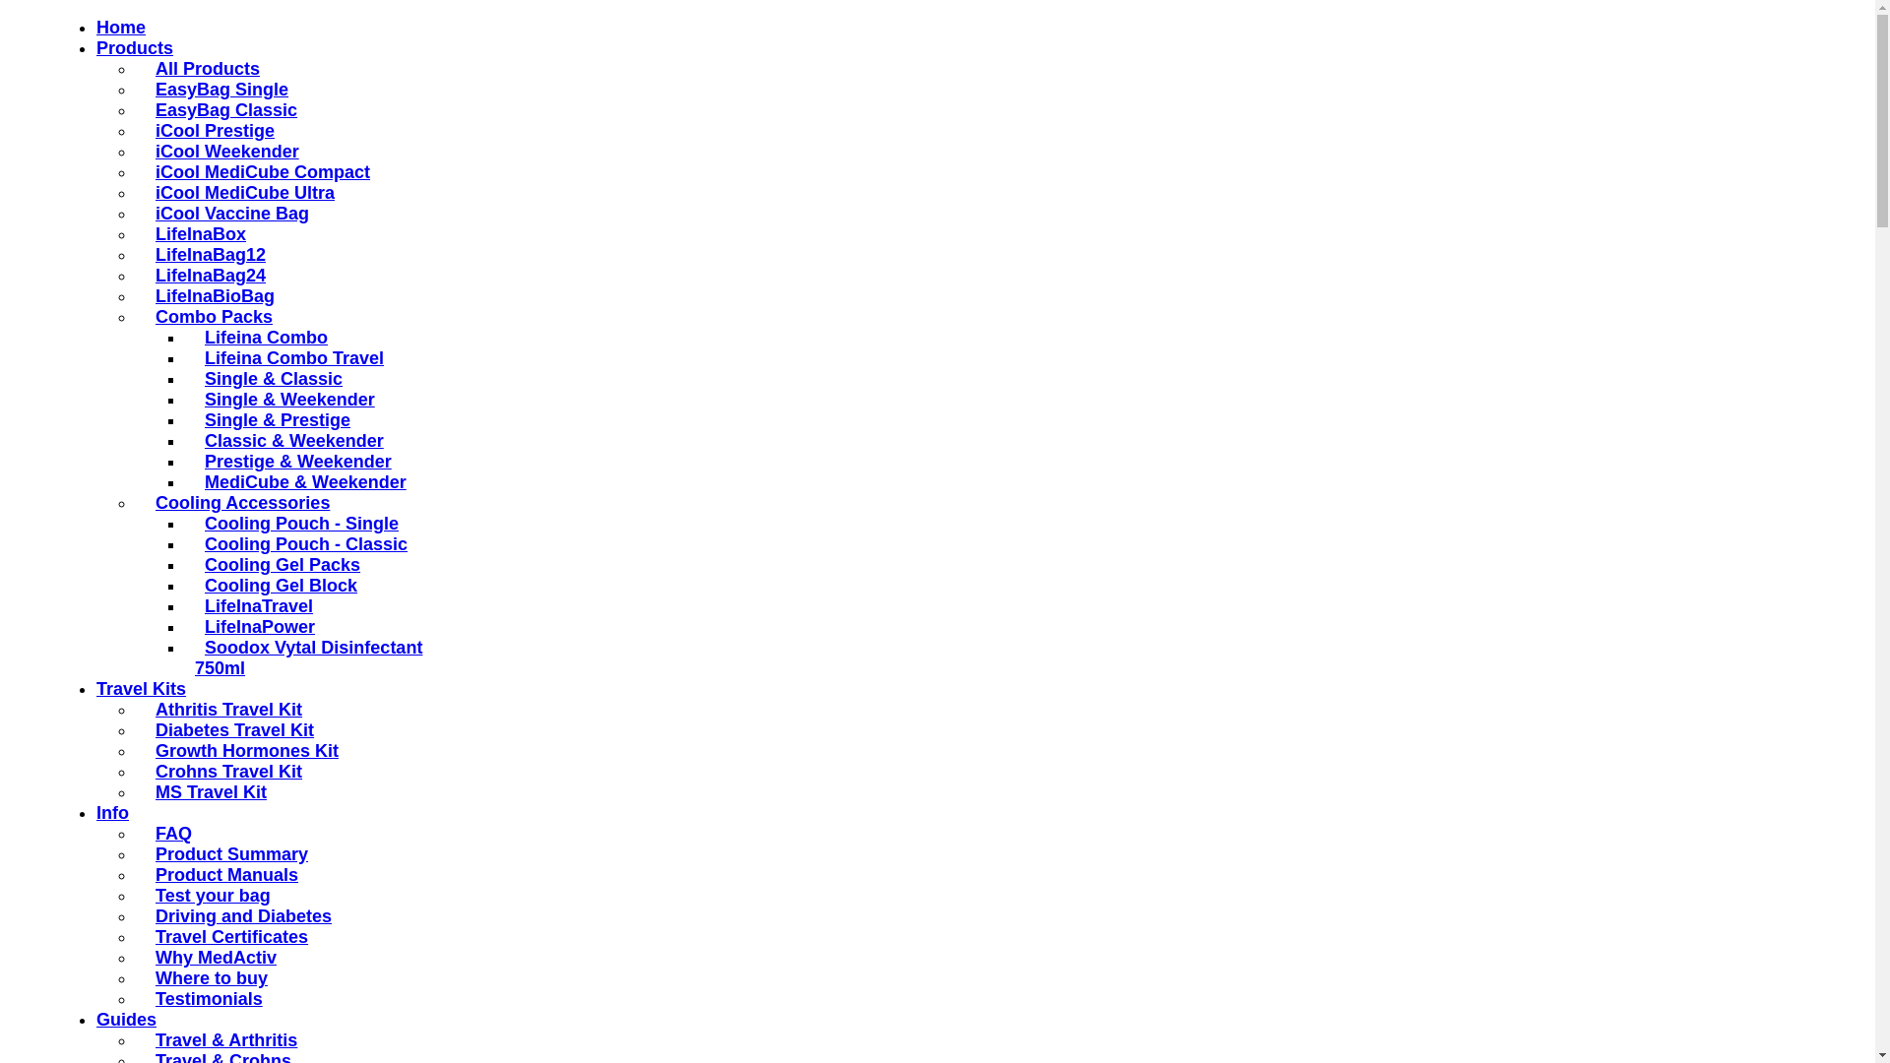  Describe the element at coordinates (221, 873) in the screenshot. I see `'Product Manuals'` at that location.